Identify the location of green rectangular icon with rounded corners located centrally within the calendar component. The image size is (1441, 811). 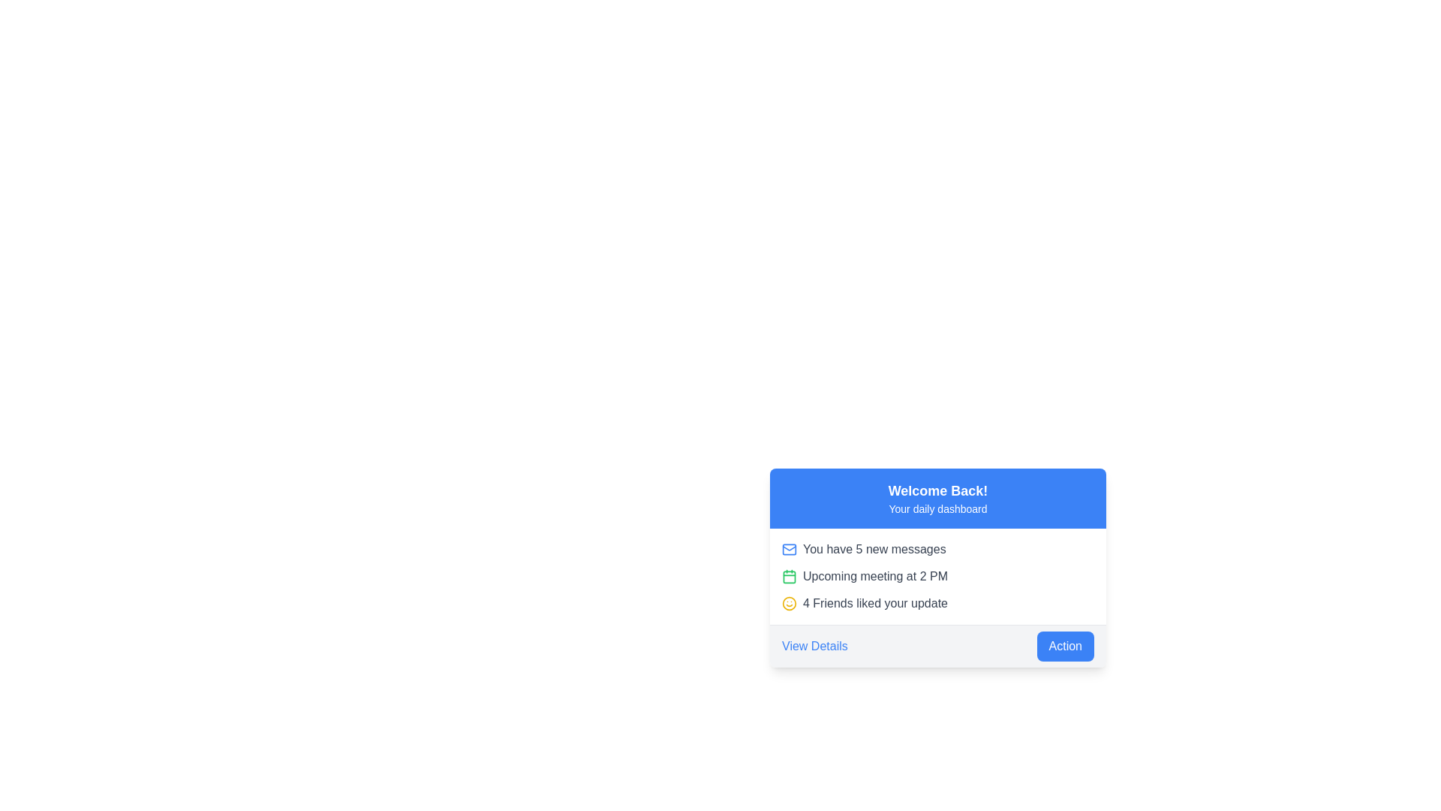
(788, 575).